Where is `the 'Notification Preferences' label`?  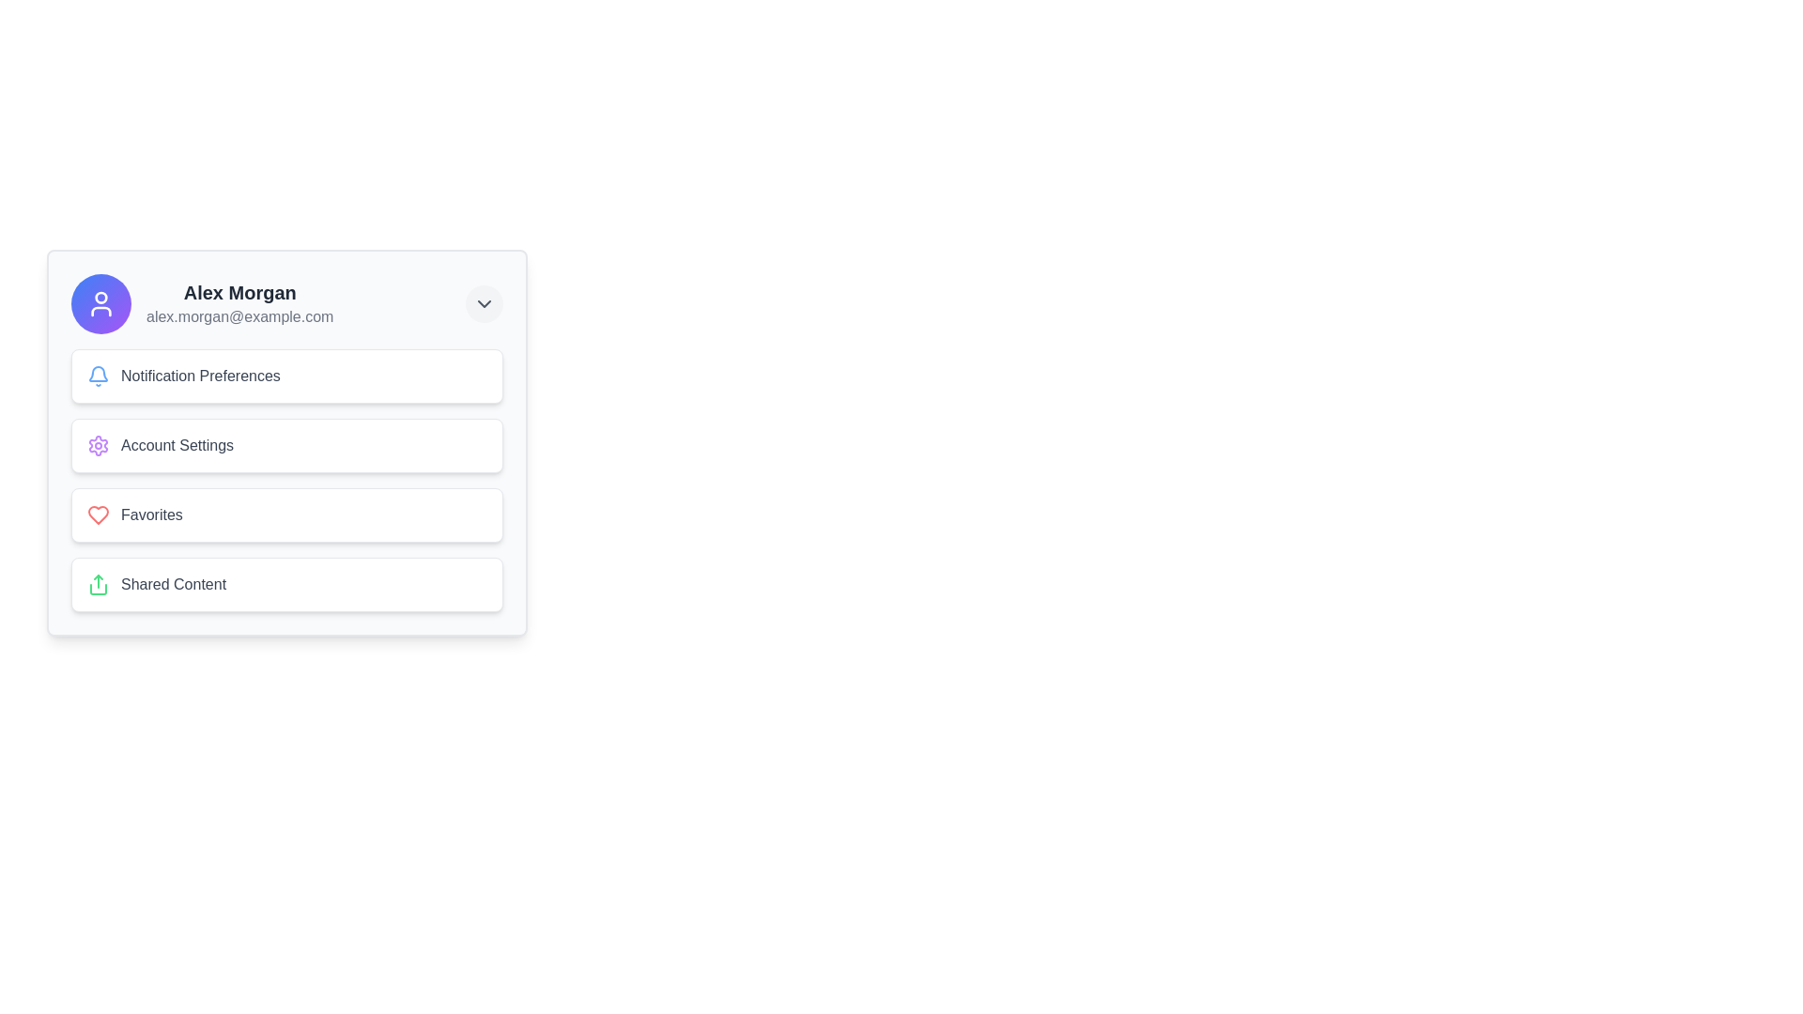 the 'Notification Preferences' label is located at coordinates (200, 376).